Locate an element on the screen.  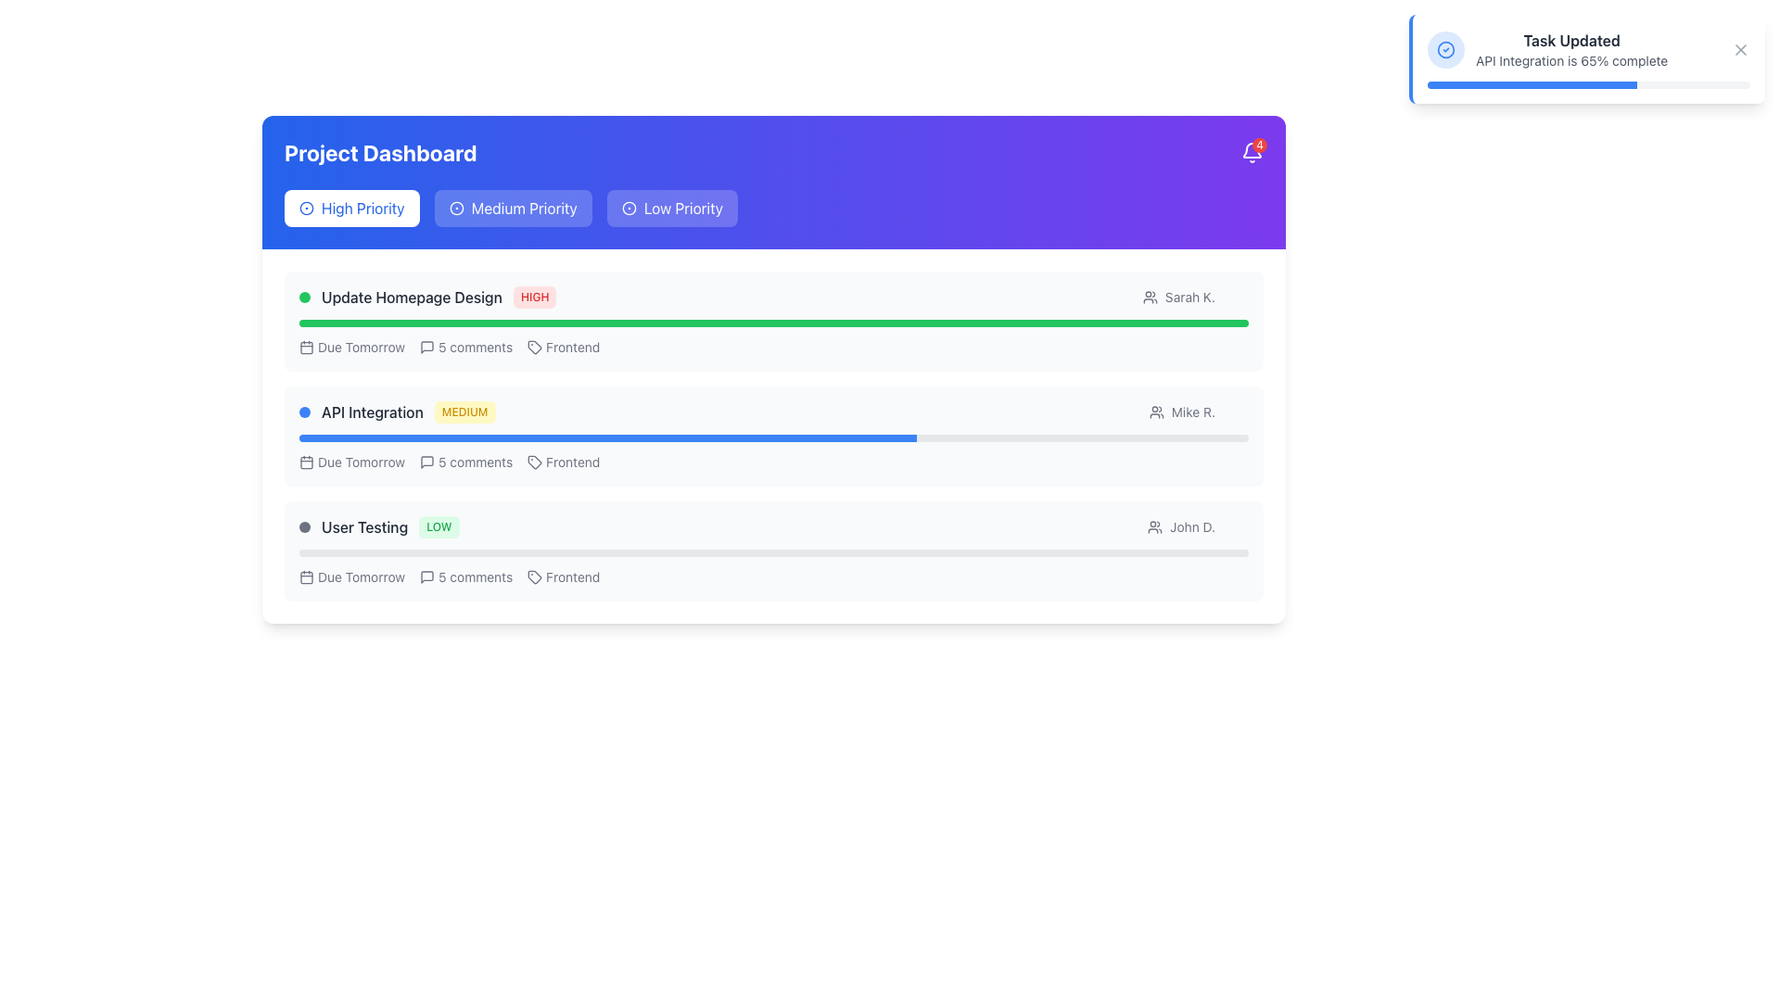
the small badge displaying the text 'HIGH' in bold red font, located to the right of the title text in the 'Project Dashboard' area, within the list item titled 'Update Homepage Design' is located at coordinates (534, 296).